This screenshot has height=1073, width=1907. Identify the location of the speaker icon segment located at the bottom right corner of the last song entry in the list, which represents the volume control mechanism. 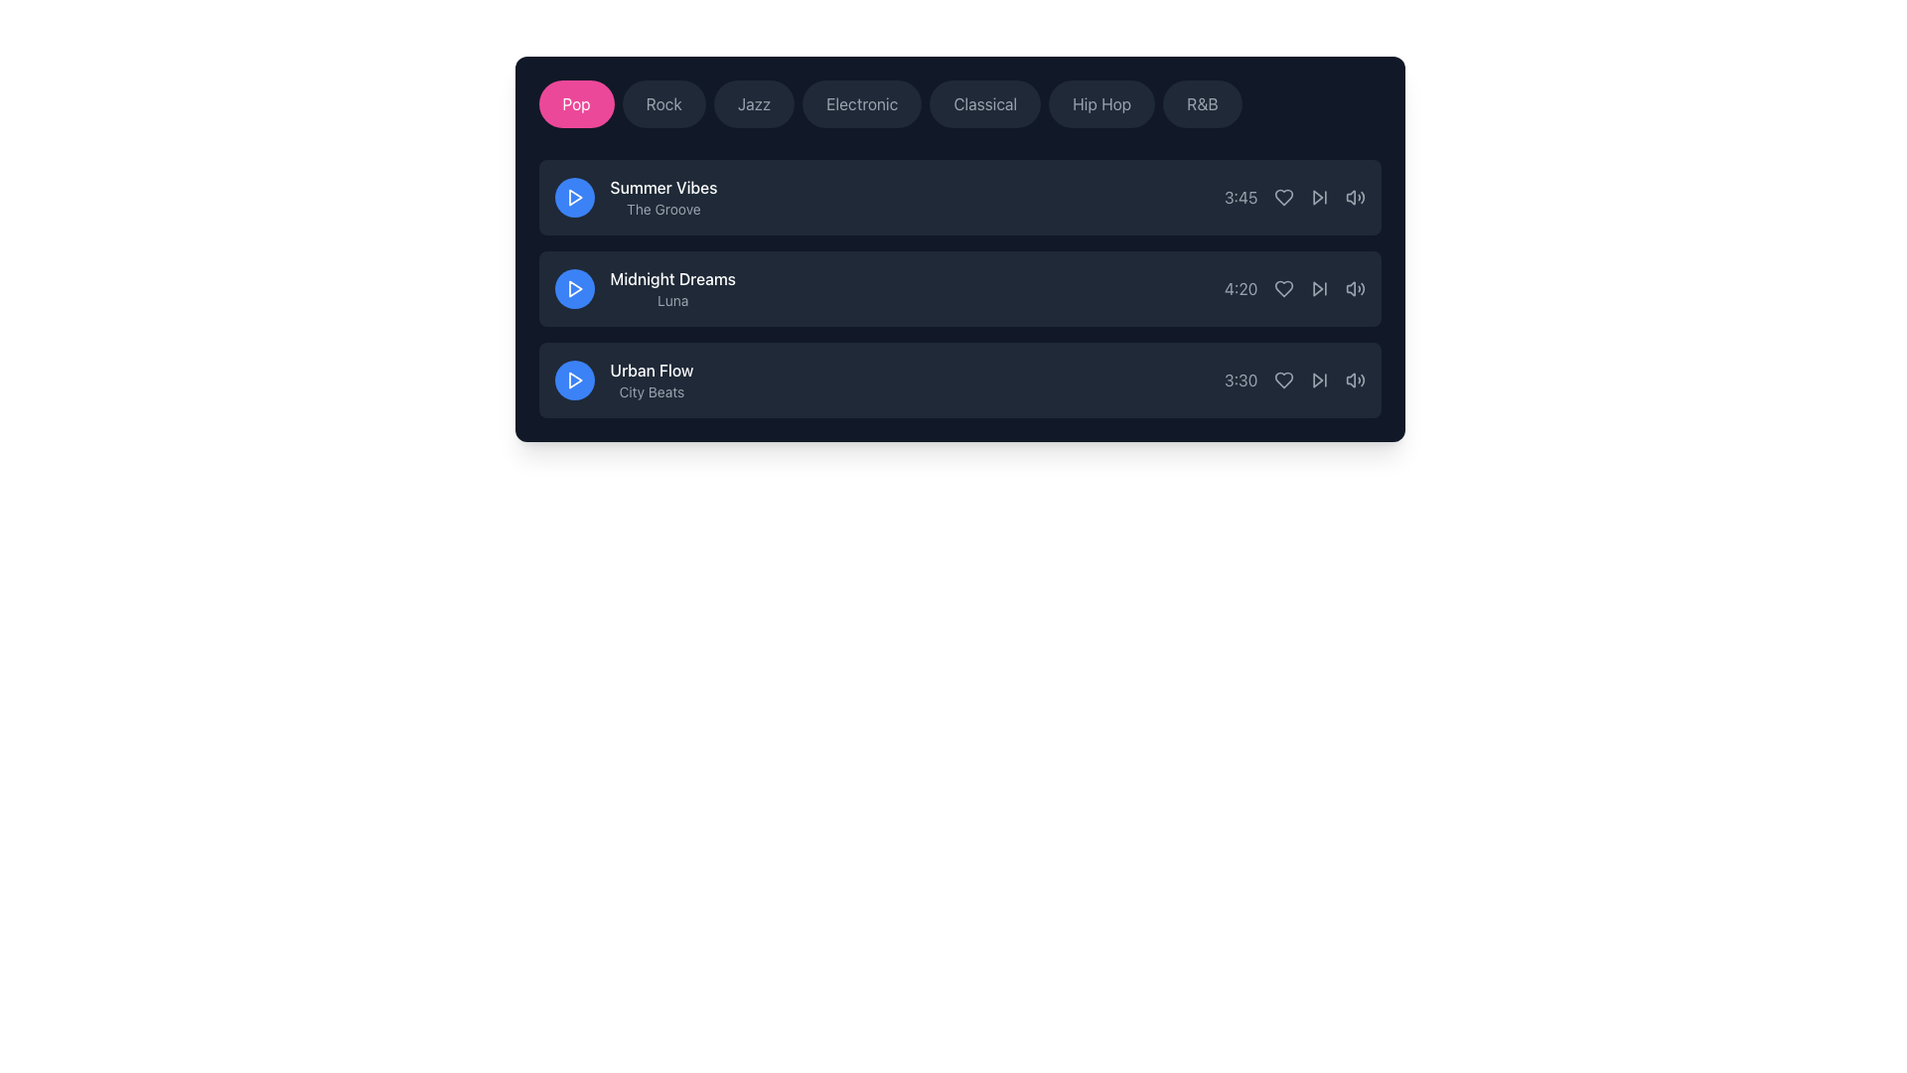
(1350, 380).